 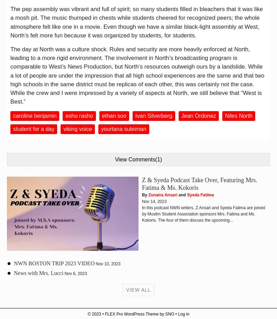 What do you see at coordinates (35, 116) in the screenshot?
I see `'caroline benjamin'` at bounding box center [35, 116].